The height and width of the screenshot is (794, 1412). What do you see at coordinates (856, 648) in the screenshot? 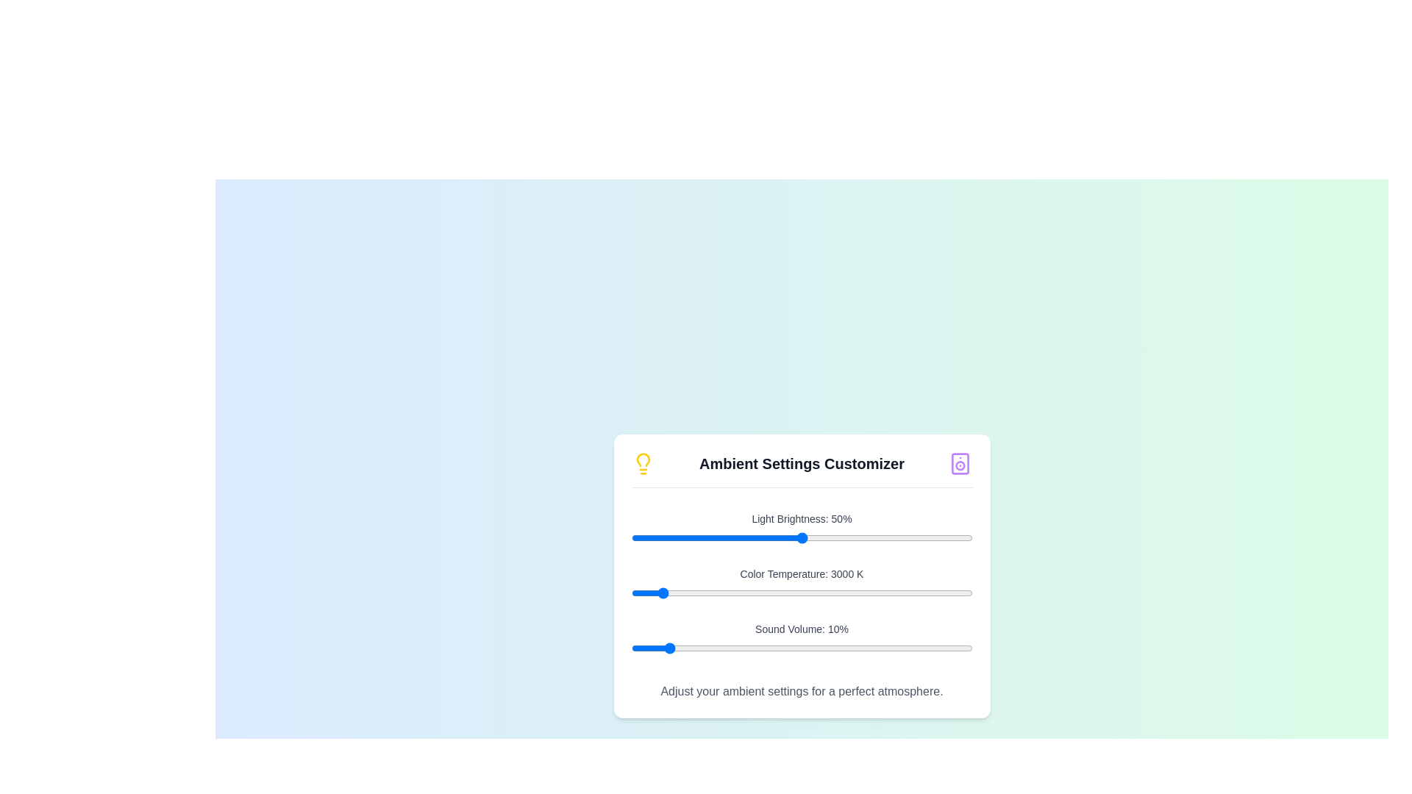
I see `the sound volume` at bounding box center [856, 648].